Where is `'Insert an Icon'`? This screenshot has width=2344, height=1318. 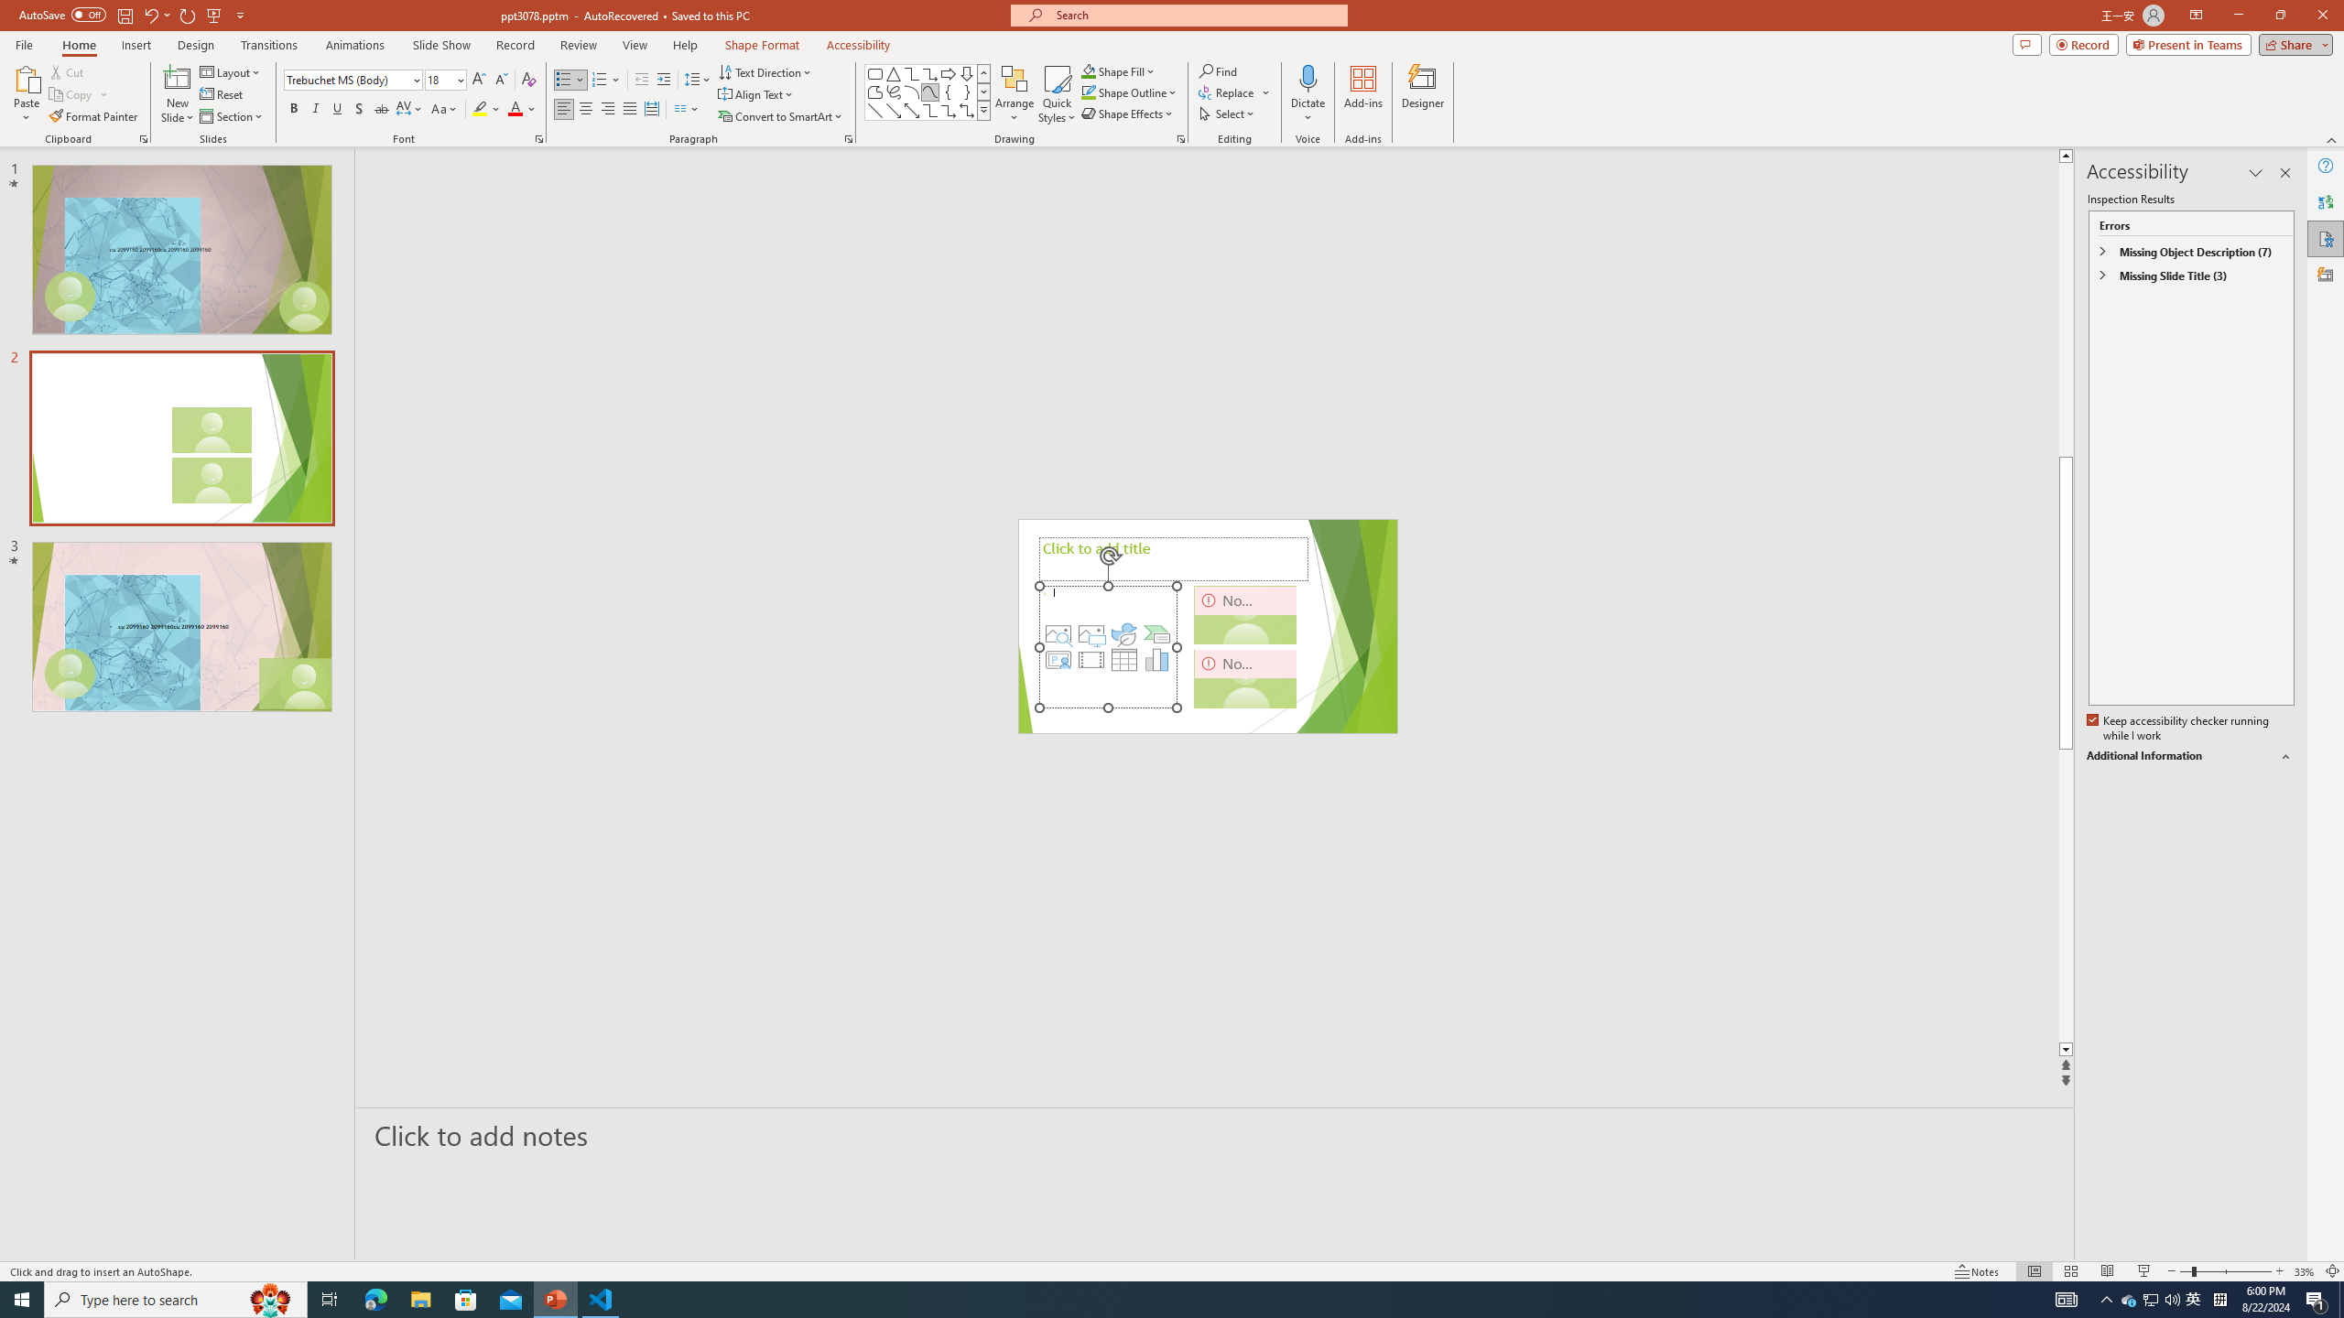 'Insert an Icon' is located at coordinates (1123, 634).